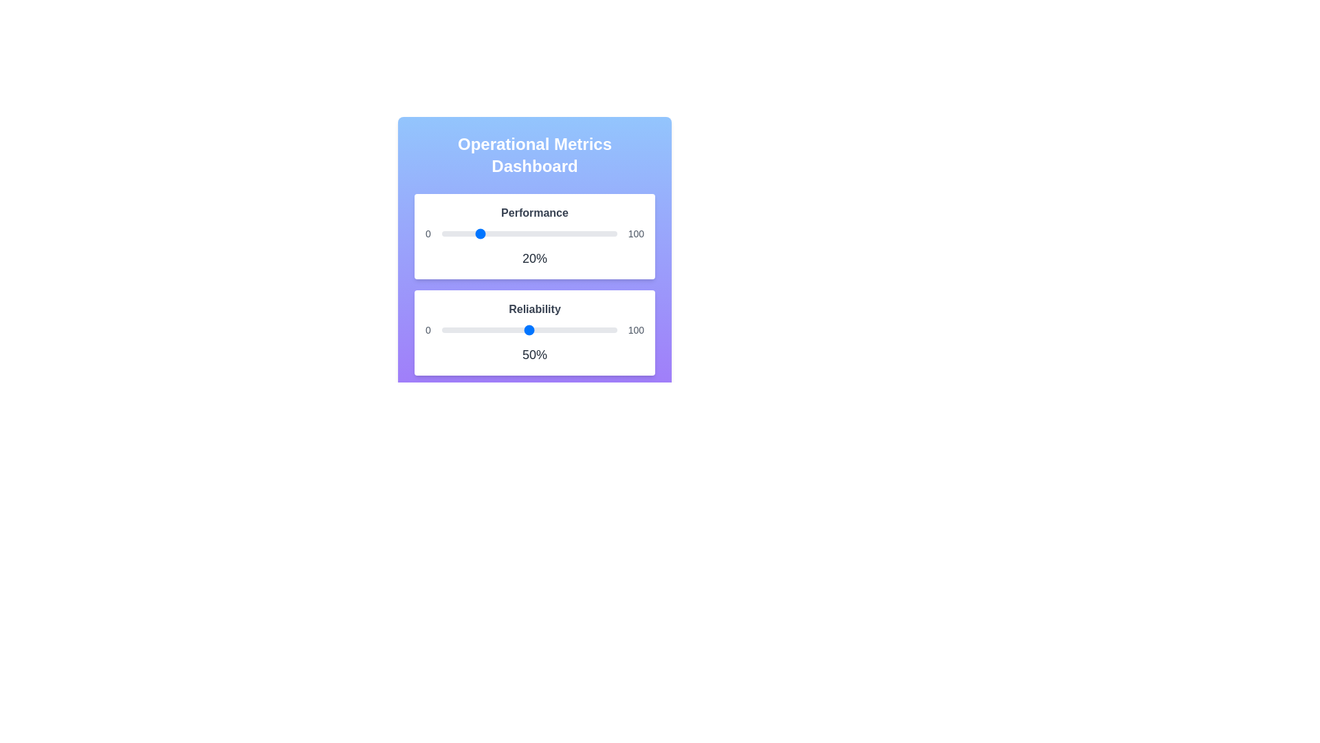 The width and height of the screenshot is (1320, 743). Describe the element at coordinates (533, 330) in the screenshot. I see `the Reliability slider` at that location.